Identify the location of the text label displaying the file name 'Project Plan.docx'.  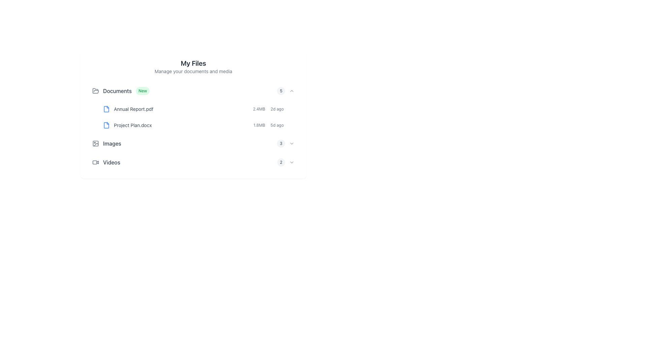
(127, 125).